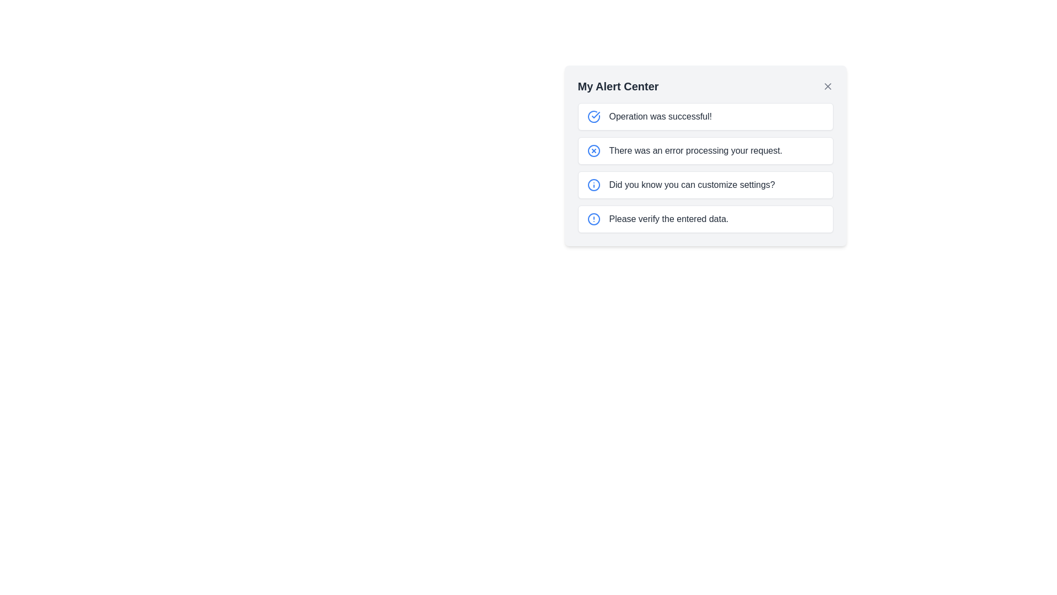 This screenshot has height=595, width=1057. Describe the element at coordinates (593, 150) in the screenshot. I see `the circular SVG element that is part of the alert icon for the message 'There was an error processing your request.'` at that location.